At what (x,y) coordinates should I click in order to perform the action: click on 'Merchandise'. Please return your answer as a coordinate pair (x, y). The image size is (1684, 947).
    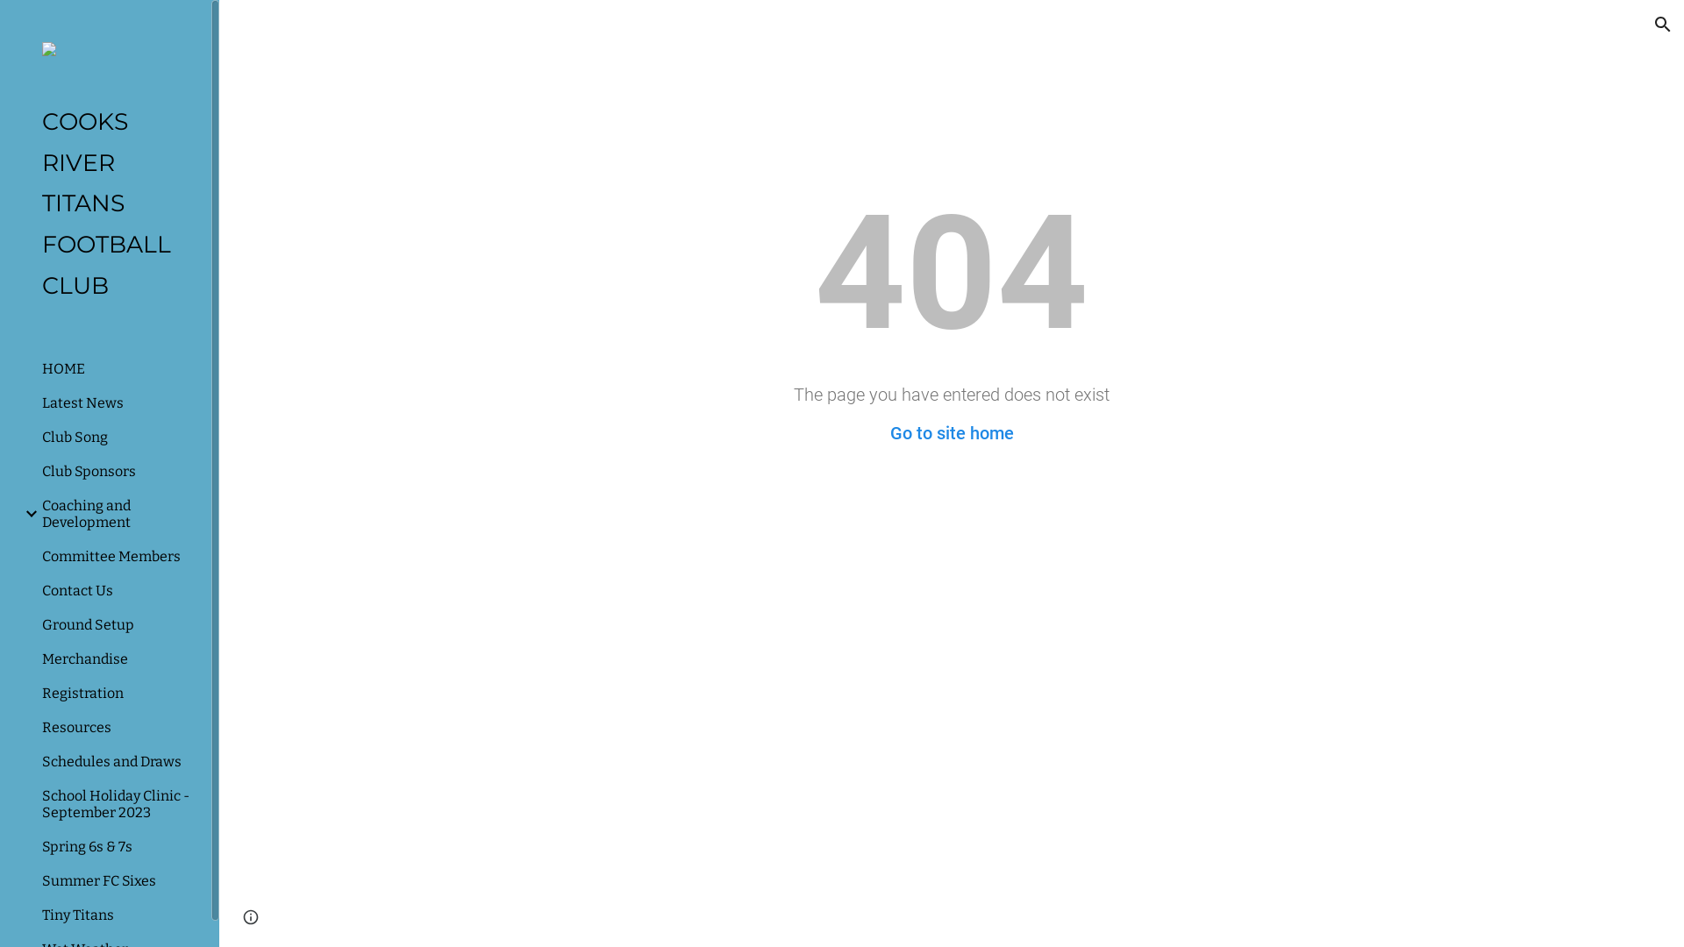
    Looking at the image, I should click on (118, 659).